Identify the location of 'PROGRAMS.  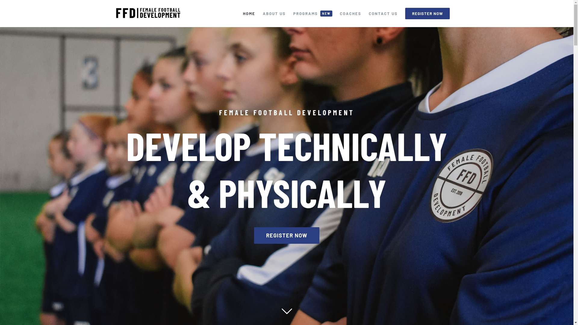
(312, 14).